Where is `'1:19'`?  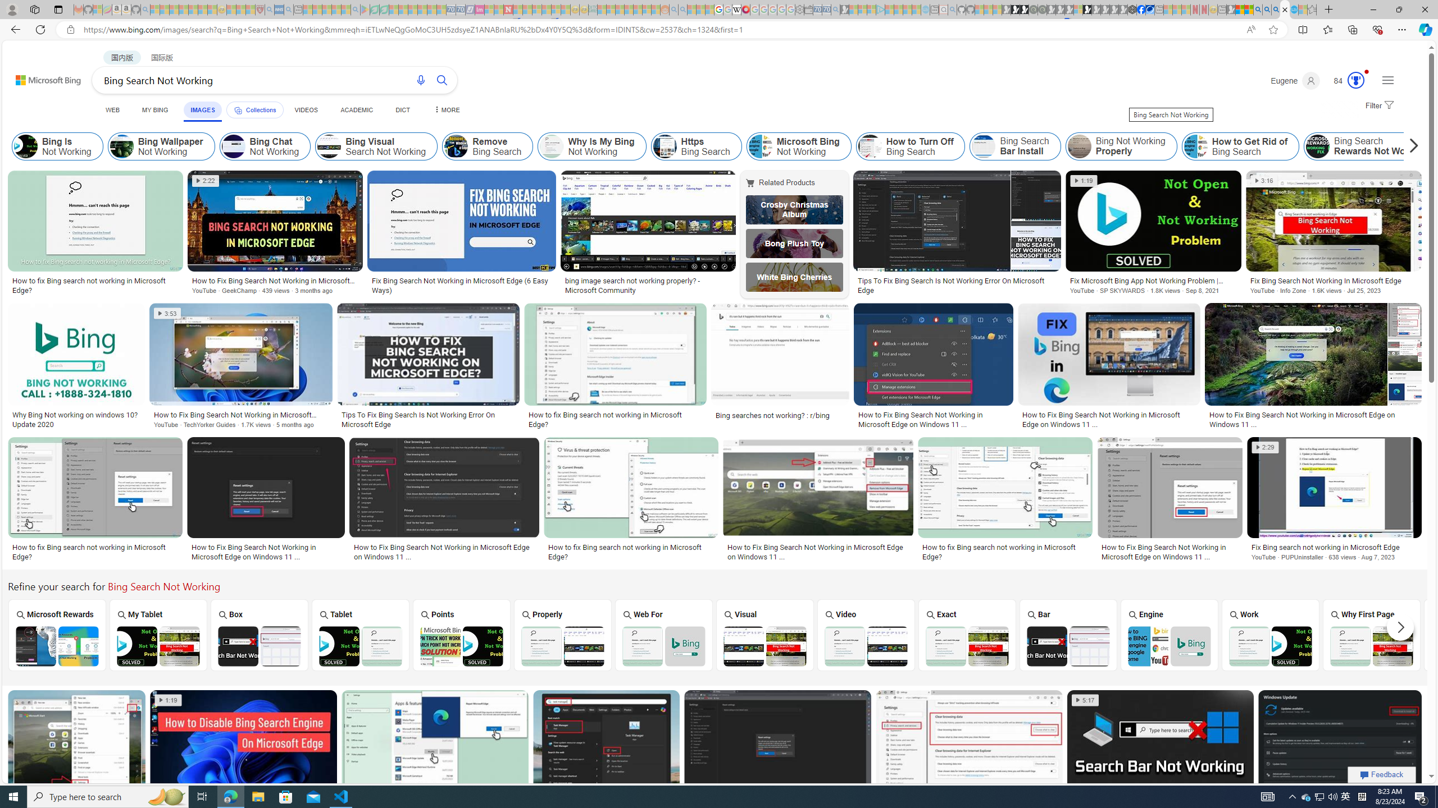 '1:19' is located at coordinates (167, 699).